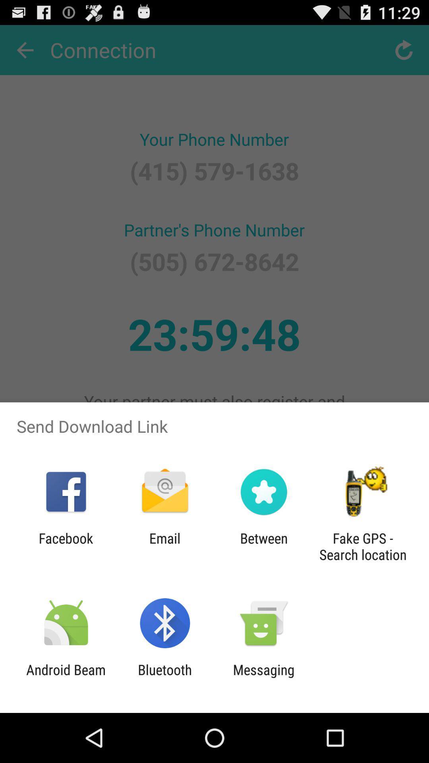 The height and width of the screenshot is (763, 429). I want to click on the between, so click(264, 546).